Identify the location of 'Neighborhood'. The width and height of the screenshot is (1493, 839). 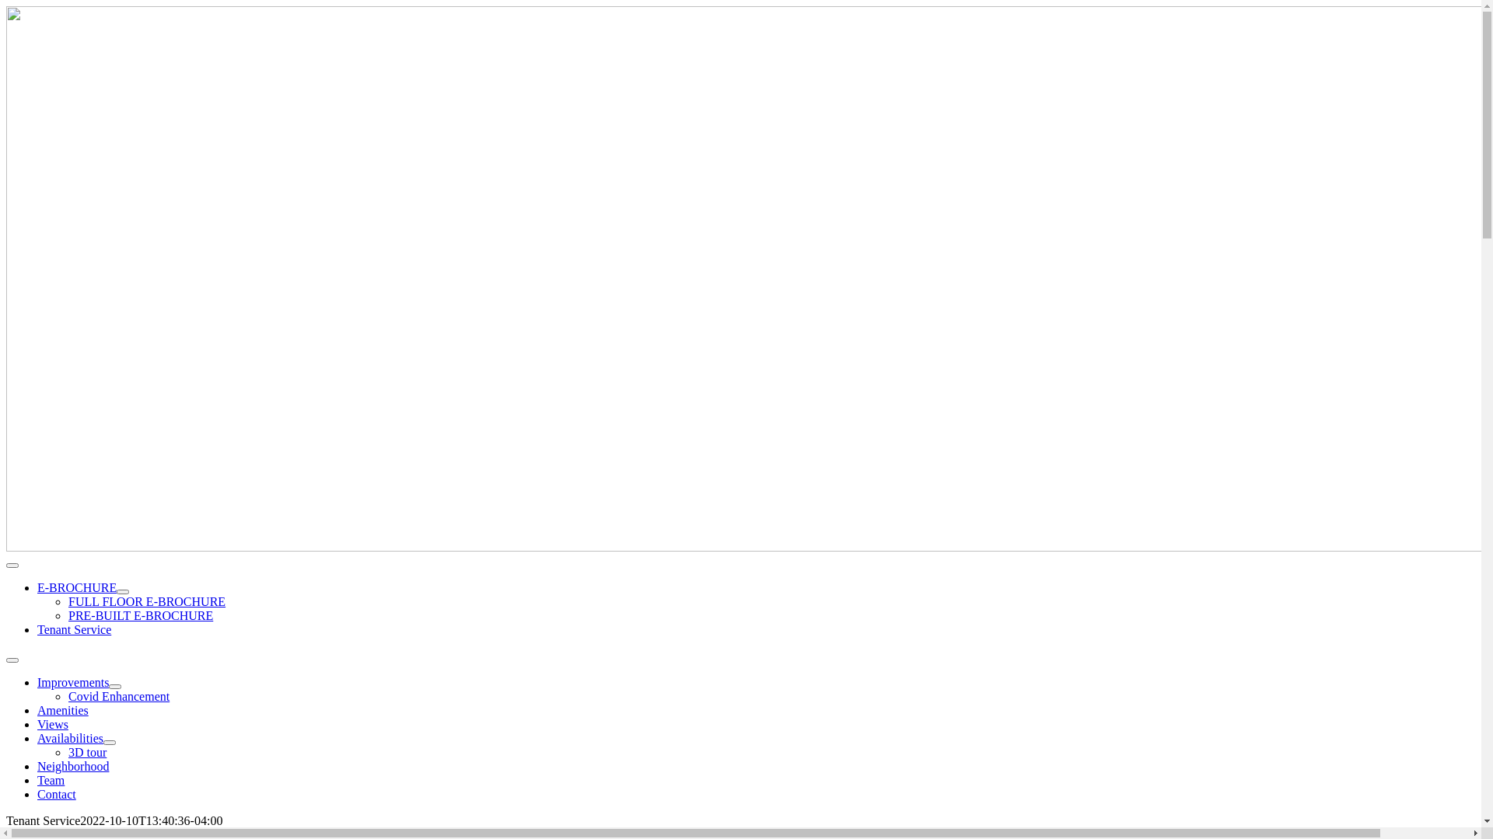
(72, 765).